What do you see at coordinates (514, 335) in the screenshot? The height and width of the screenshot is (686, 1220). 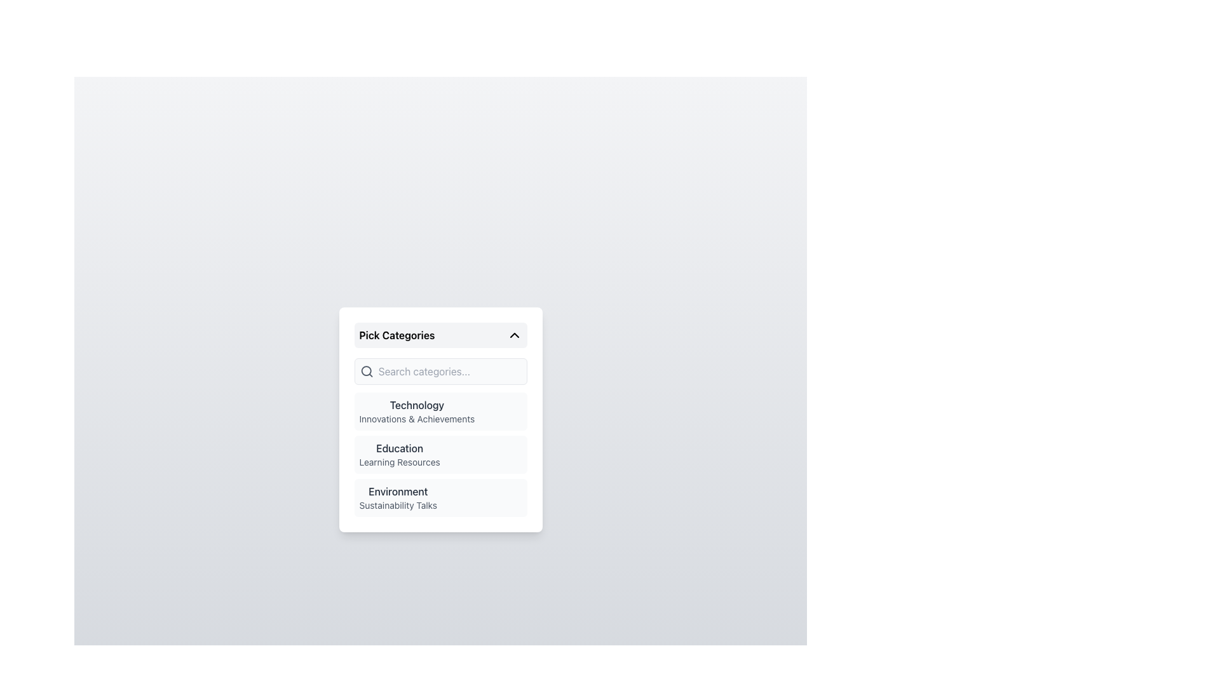 I see `the chevron icon located at the right end of the 'Pick Categories' bar to potentially reveal hints` at bounding box center [514, 335].